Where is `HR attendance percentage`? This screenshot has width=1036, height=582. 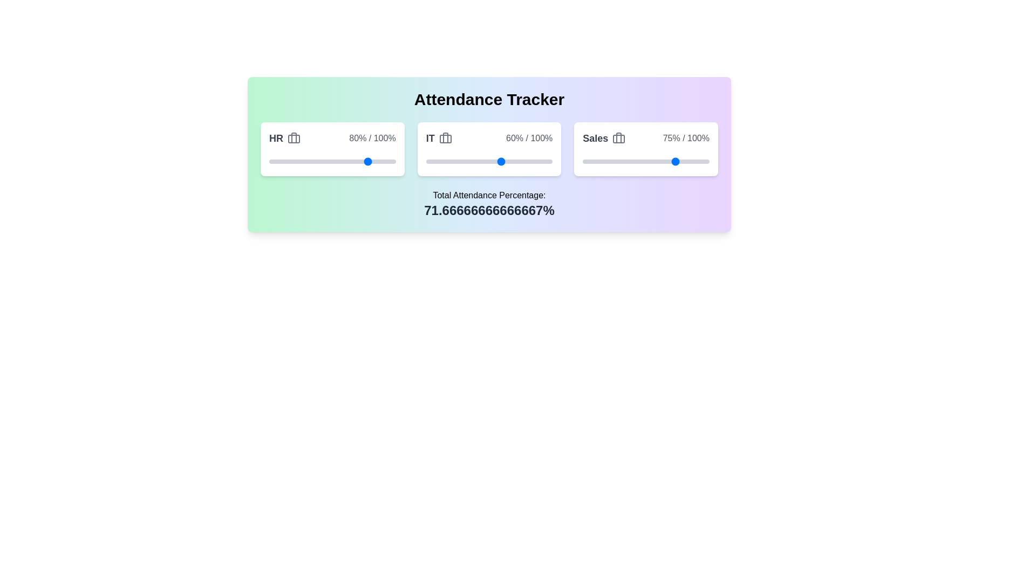
HR attendance percentage is located at coordinates (378, 162).